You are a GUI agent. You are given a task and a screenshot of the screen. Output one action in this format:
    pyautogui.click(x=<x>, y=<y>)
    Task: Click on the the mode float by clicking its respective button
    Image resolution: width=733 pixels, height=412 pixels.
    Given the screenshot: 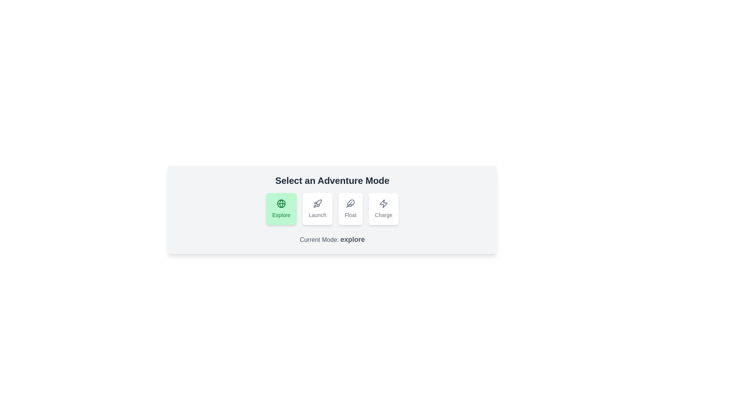 What is the action you would take?
    pyautogui.click(x=350, y=209)
    